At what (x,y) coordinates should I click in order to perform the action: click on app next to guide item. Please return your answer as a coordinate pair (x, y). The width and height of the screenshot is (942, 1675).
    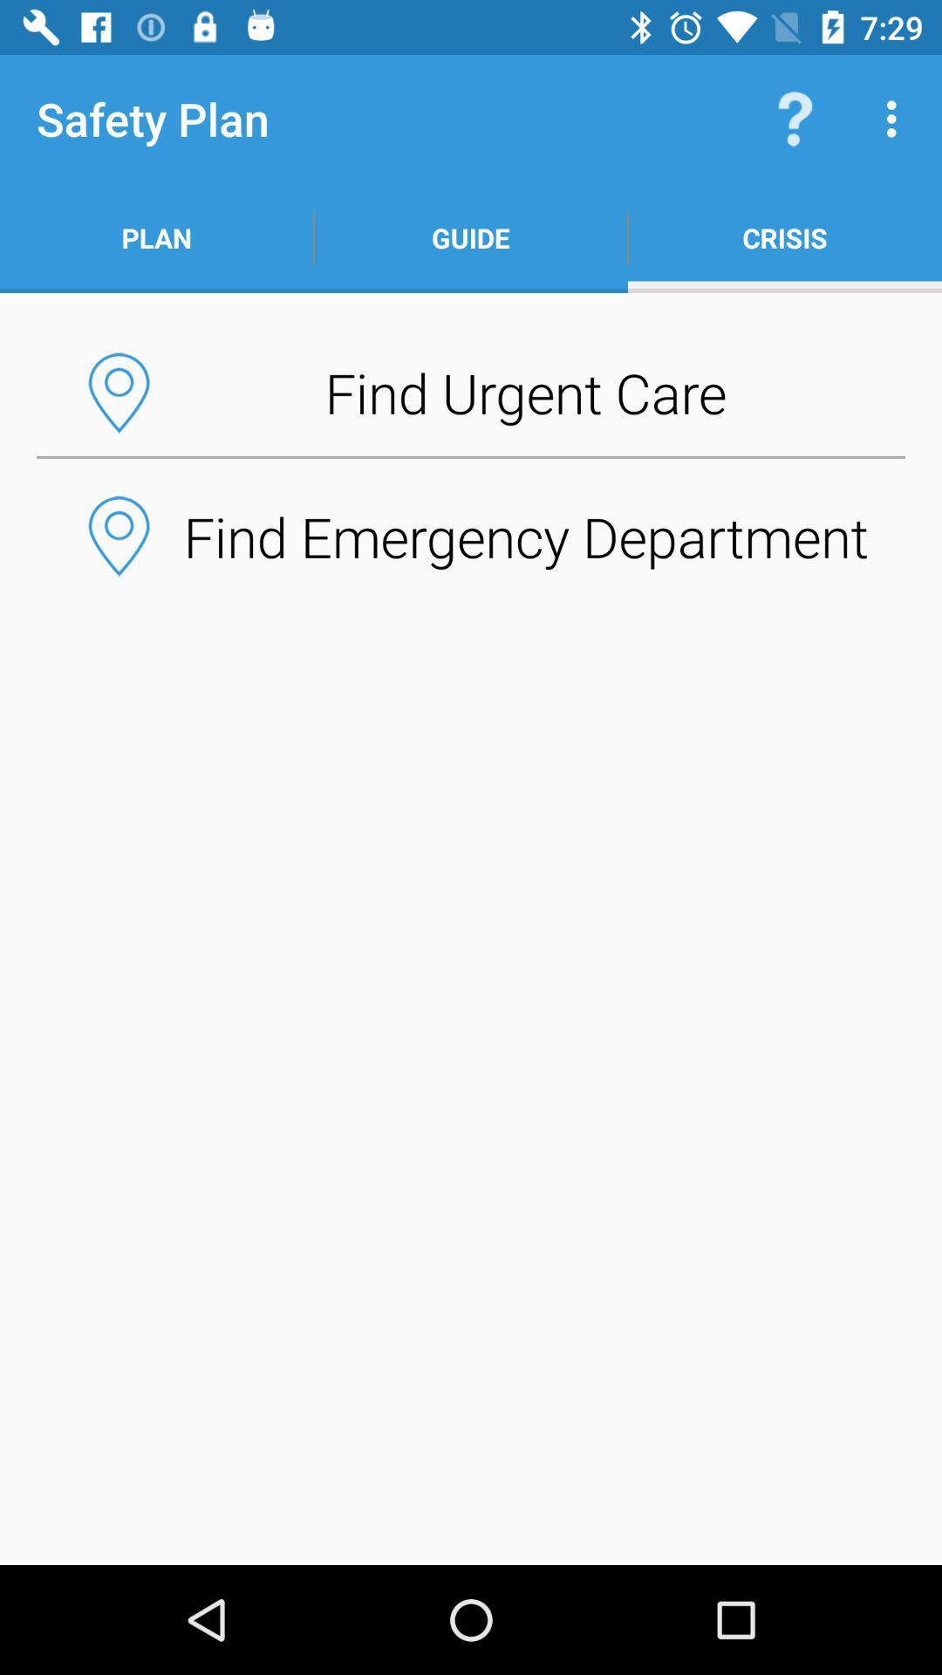
    Looking at the image, I should click on (795, 118).